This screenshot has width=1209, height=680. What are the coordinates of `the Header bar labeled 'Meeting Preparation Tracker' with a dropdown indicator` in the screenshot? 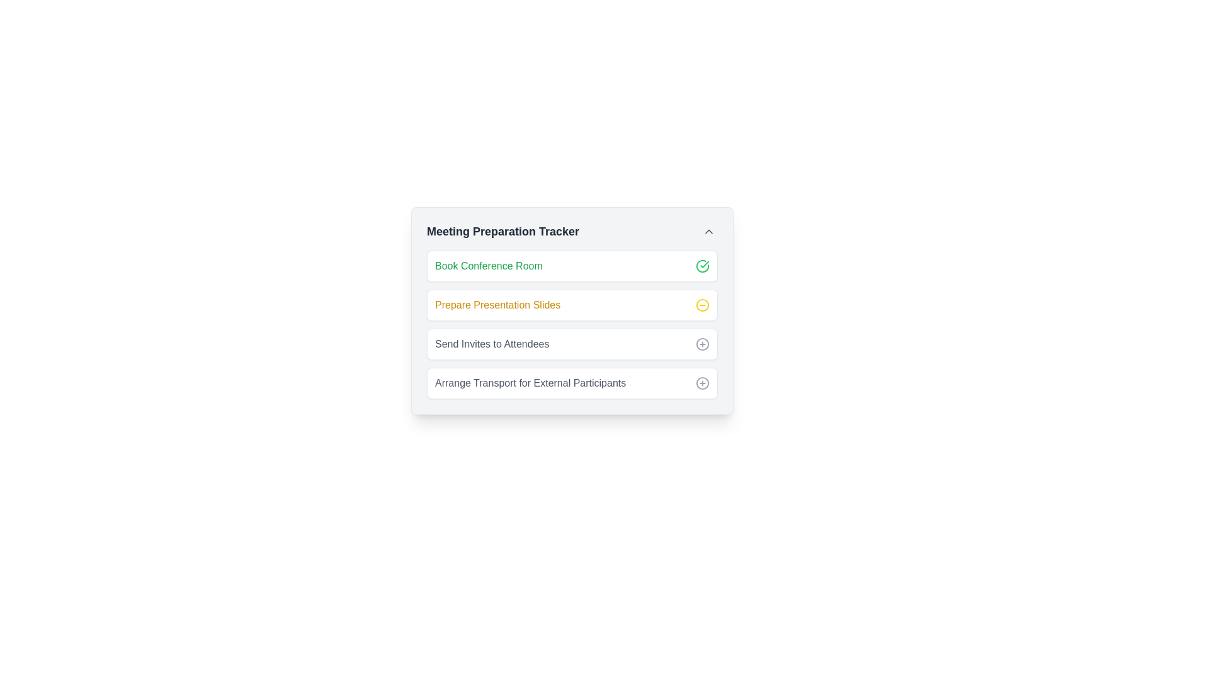 It's located at (571, 231).